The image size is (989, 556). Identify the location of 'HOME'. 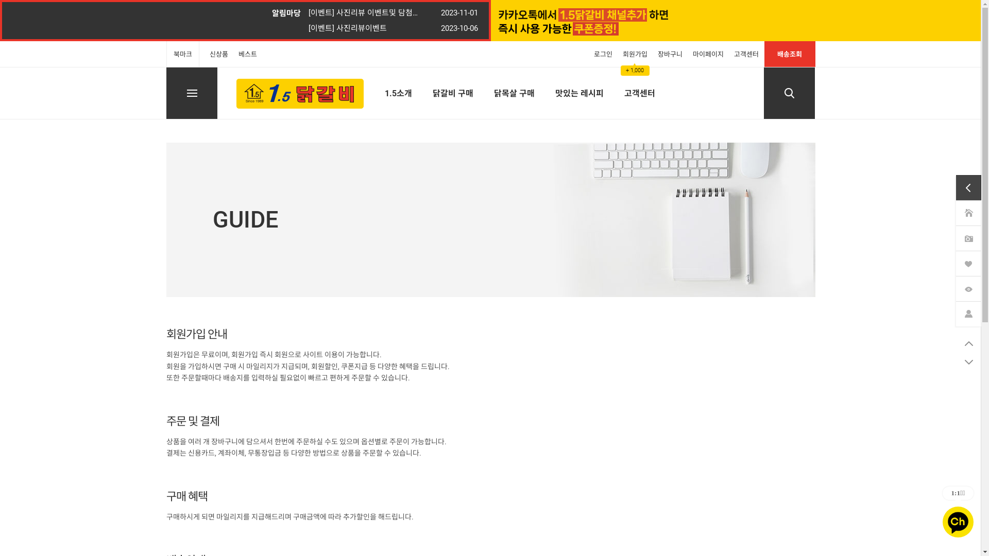
(968, 212).